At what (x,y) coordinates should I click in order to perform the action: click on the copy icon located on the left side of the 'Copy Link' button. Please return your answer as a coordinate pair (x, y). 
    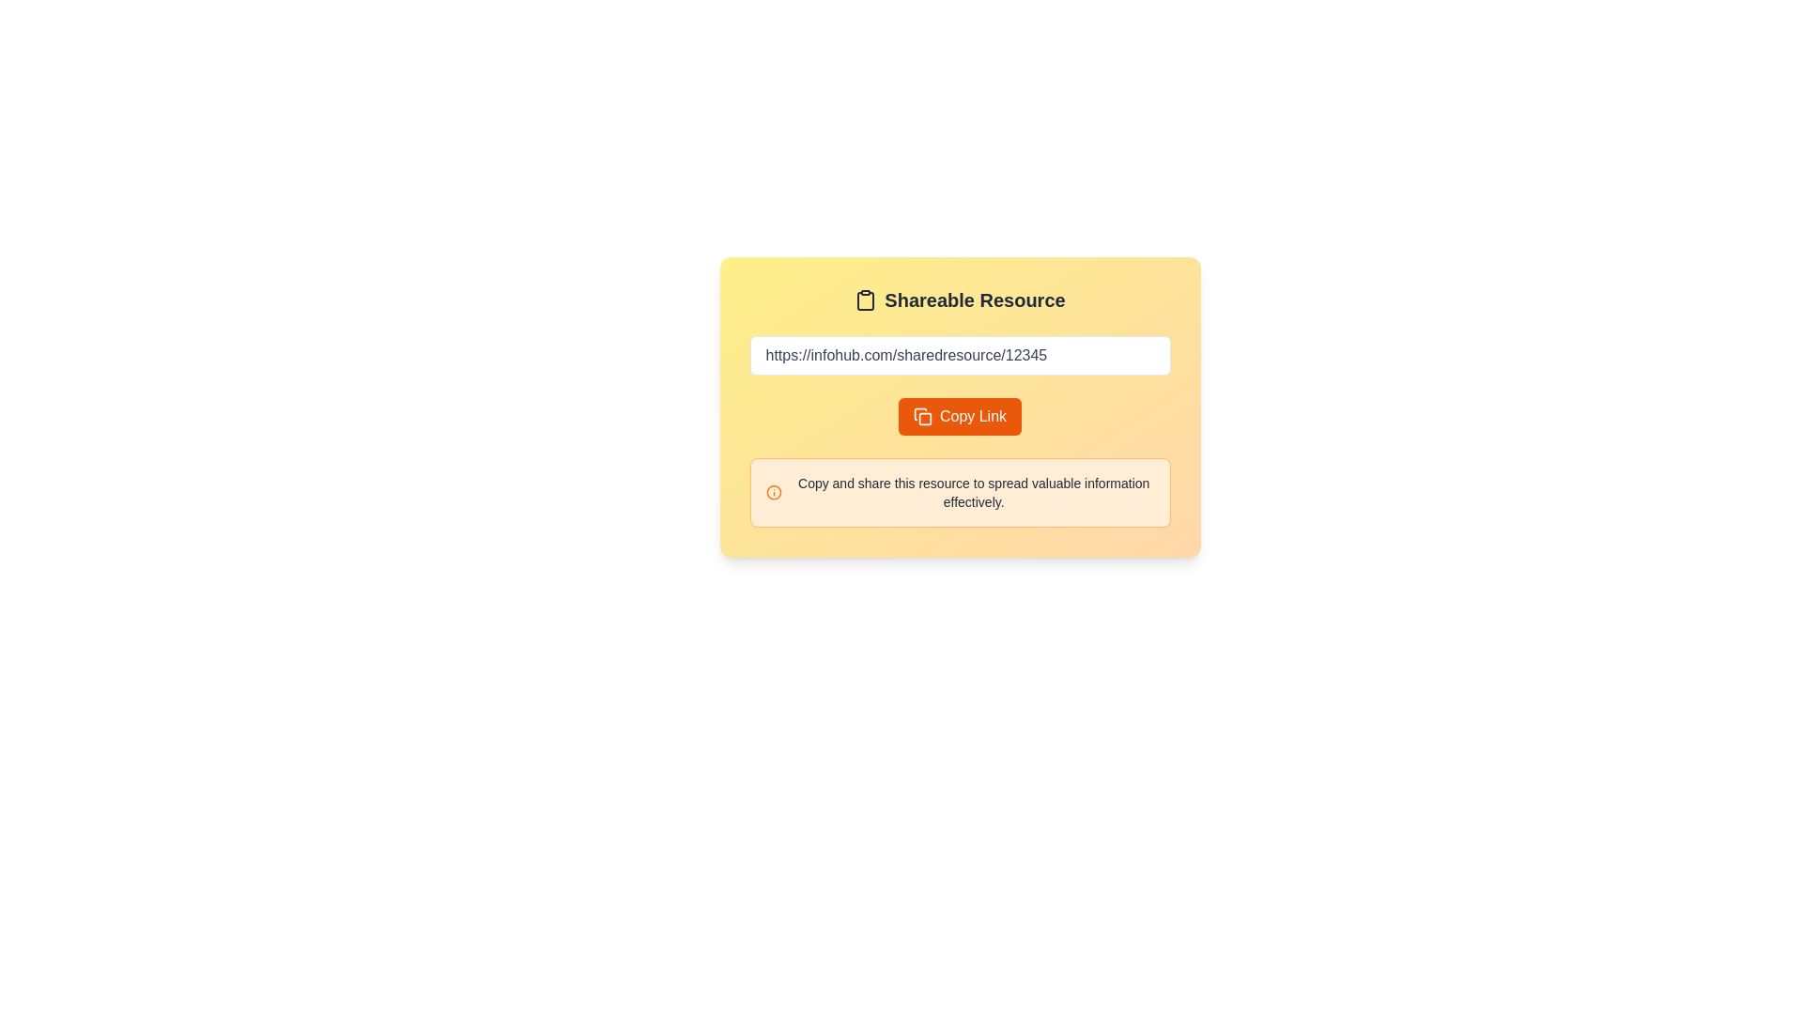
    Looking at the image, I should click on (922, 415).